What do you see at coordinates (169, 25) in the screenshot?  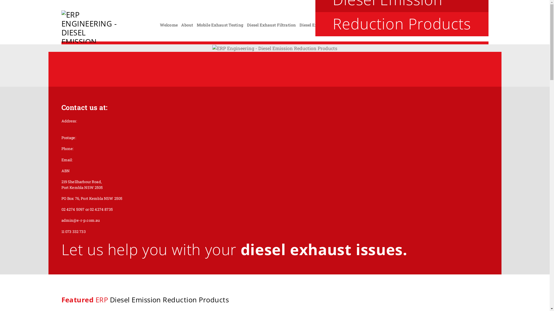 I see `'Welcome'` at bounding box center [169, 25].